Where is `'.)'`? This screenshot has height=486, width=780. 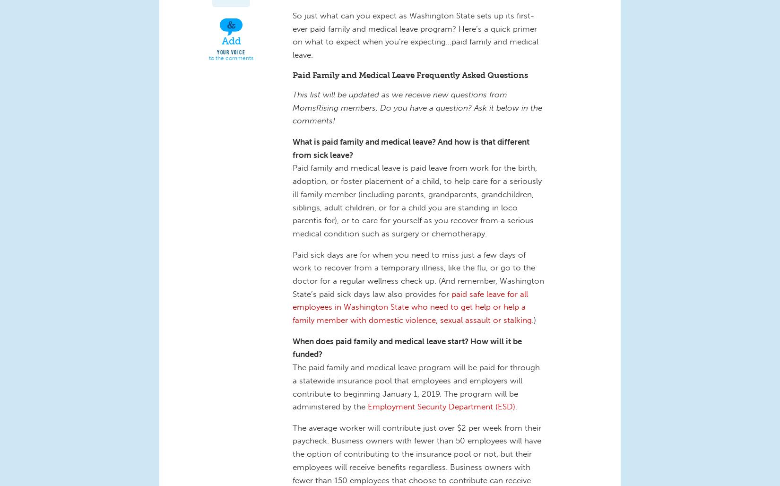
'.)' is located at coordinates (535, 320).